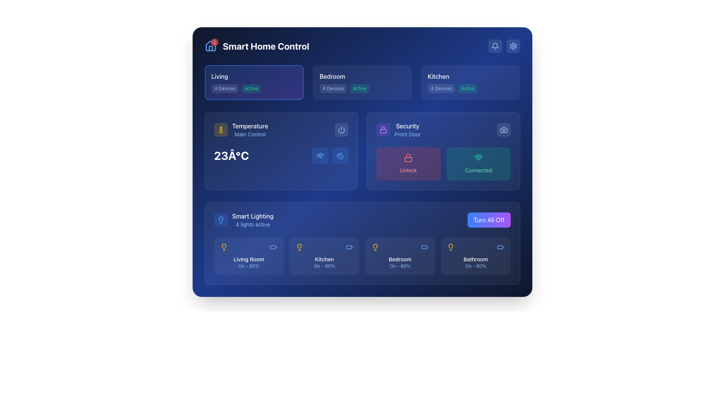 The image size is (728, 409). Describe the element at coordinates (341, 130) in the screenshot. I see `the lower curved segment of the power button icon located at the top-right corner of the interface` at that location.